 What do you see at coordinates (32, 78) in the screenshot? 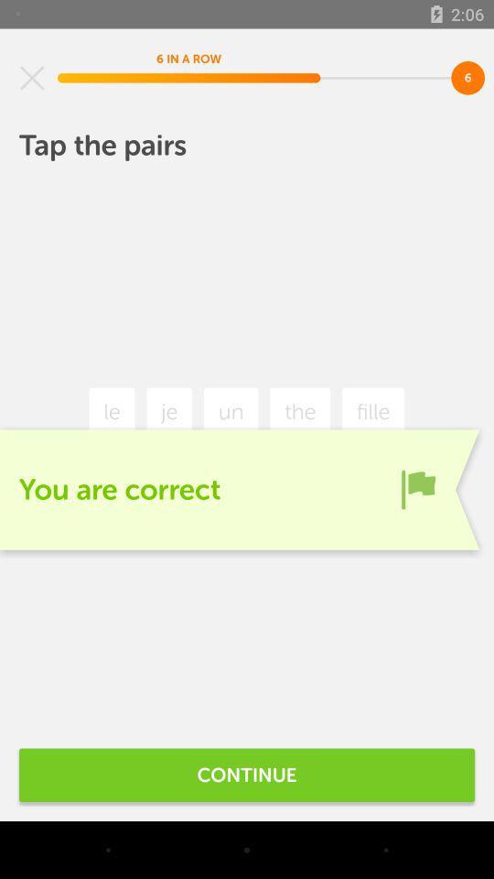
I see `the item above the tap the pairs icon` at bounding box center [32, 78].